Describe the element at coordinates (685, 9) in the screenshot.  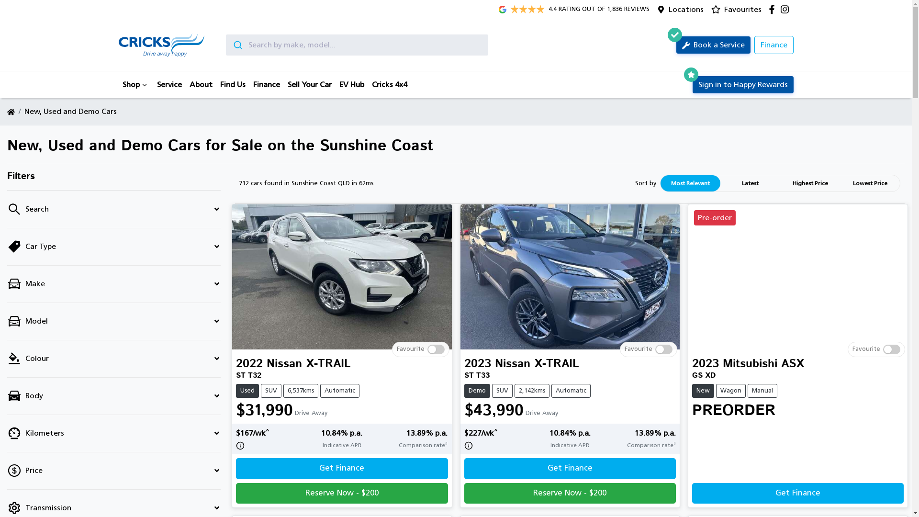
I see `'Locations'` at that location.